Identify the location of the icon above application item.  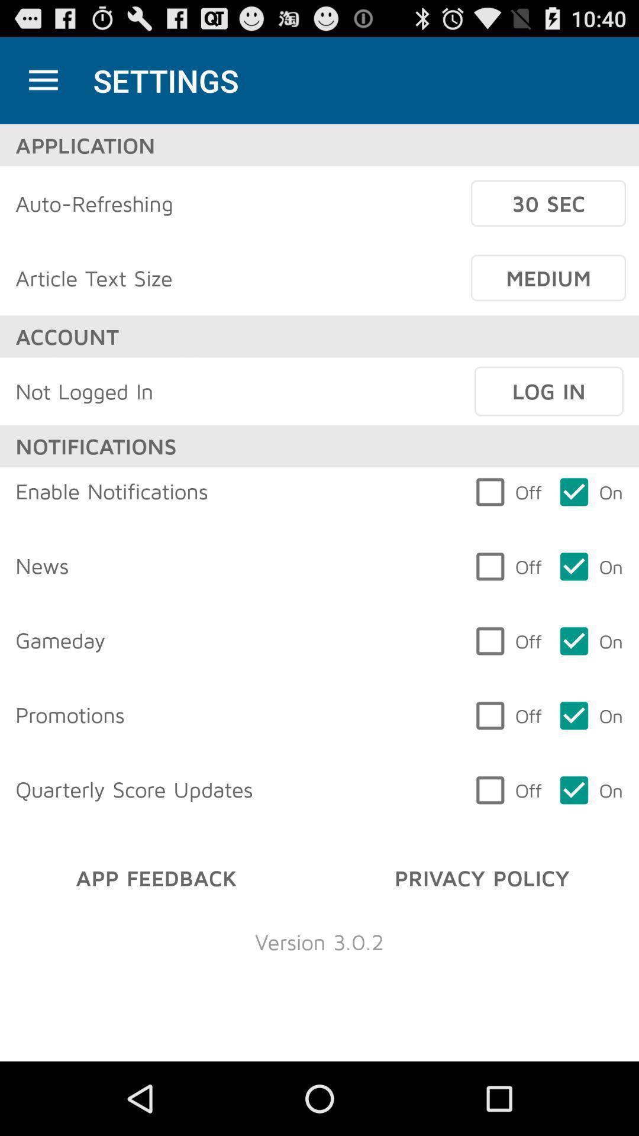
(43, 80).